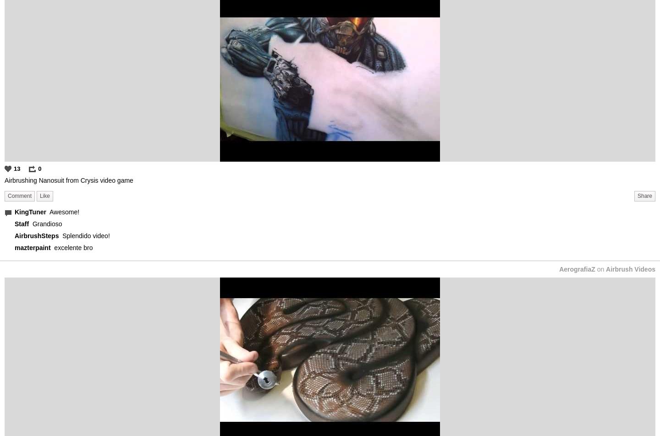 The width and height of the screenshot is (660, 436). What do you see at coordinates (37, 235) in the screenshot?
I see `'AirbrushSteps'` at bounding box center [37, 235].